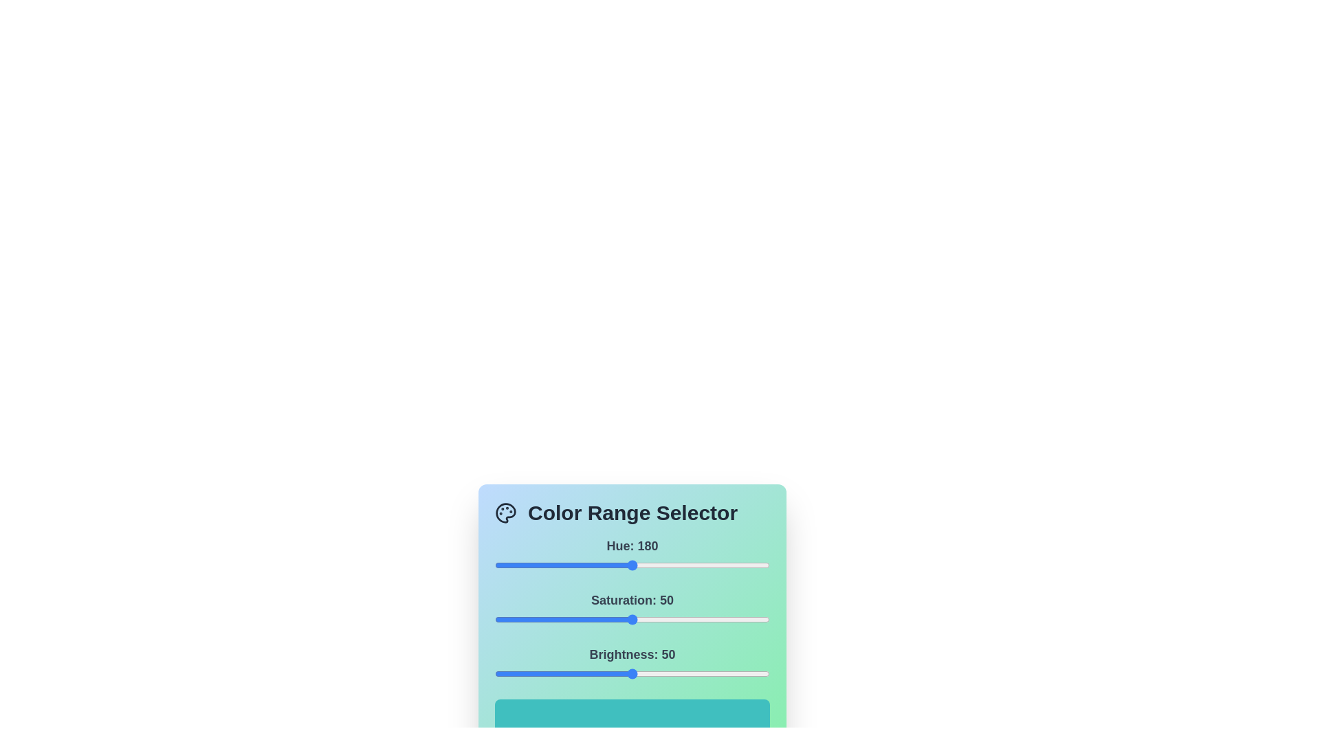 The width and height of the screenshot is (1320, 742). I want to click on the 1 slider to 70, so click(687, 620).